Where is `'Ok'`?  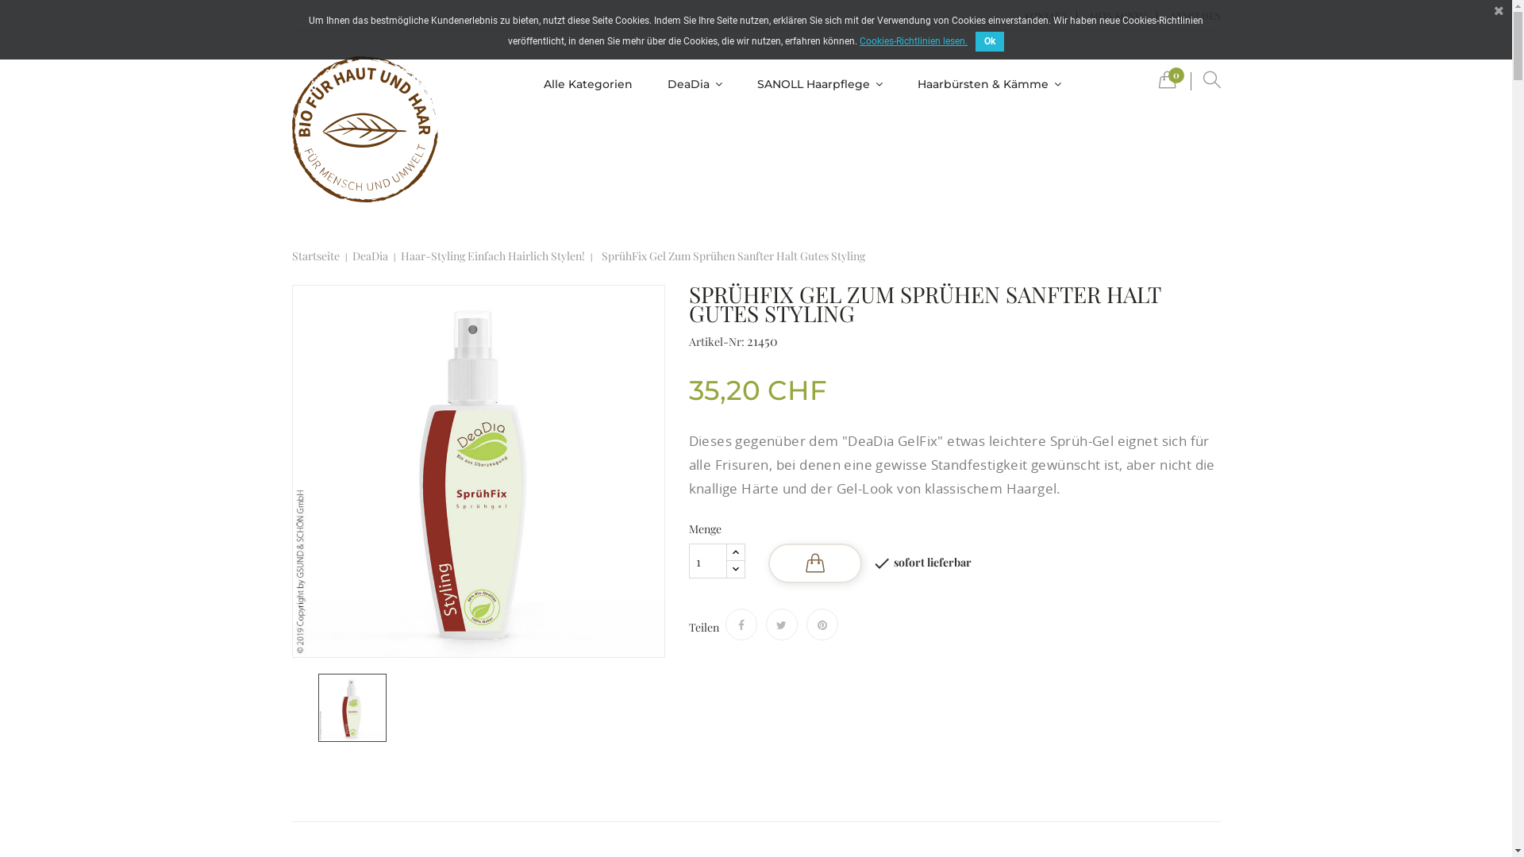 'Ok' is located at coordinates (974, 40).